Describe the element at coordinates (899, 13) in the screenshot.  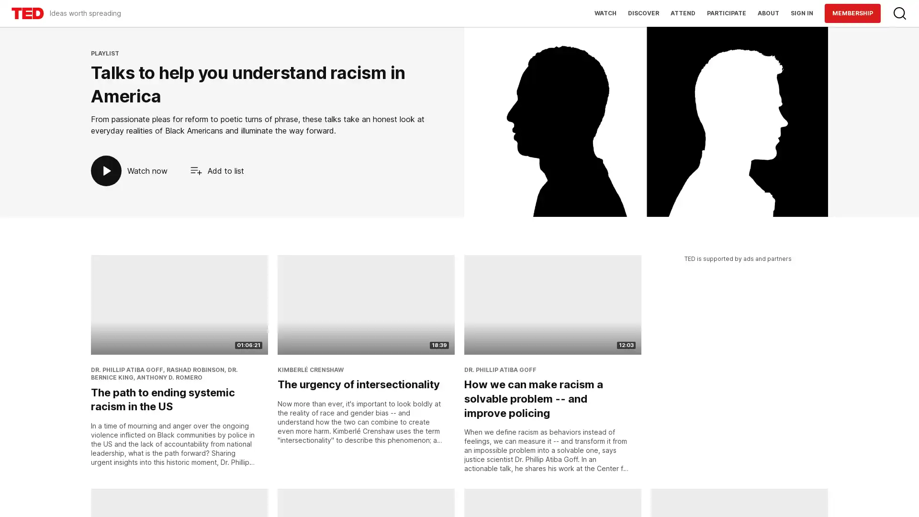
I see `Type to search` at that location.